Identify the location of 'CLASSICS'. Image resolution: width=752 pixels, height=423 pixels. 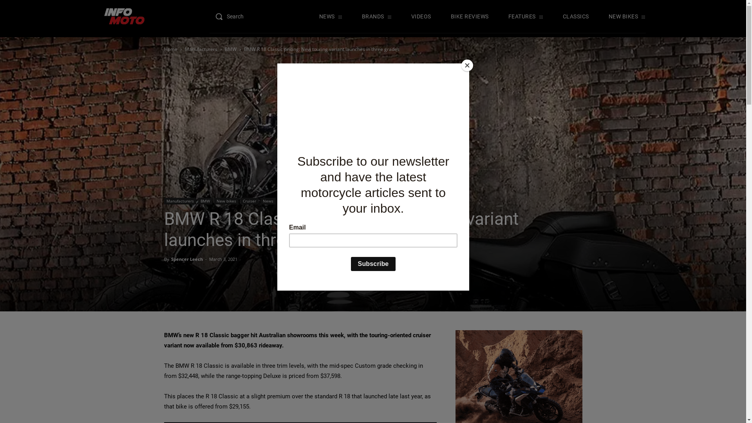
(576, 16).